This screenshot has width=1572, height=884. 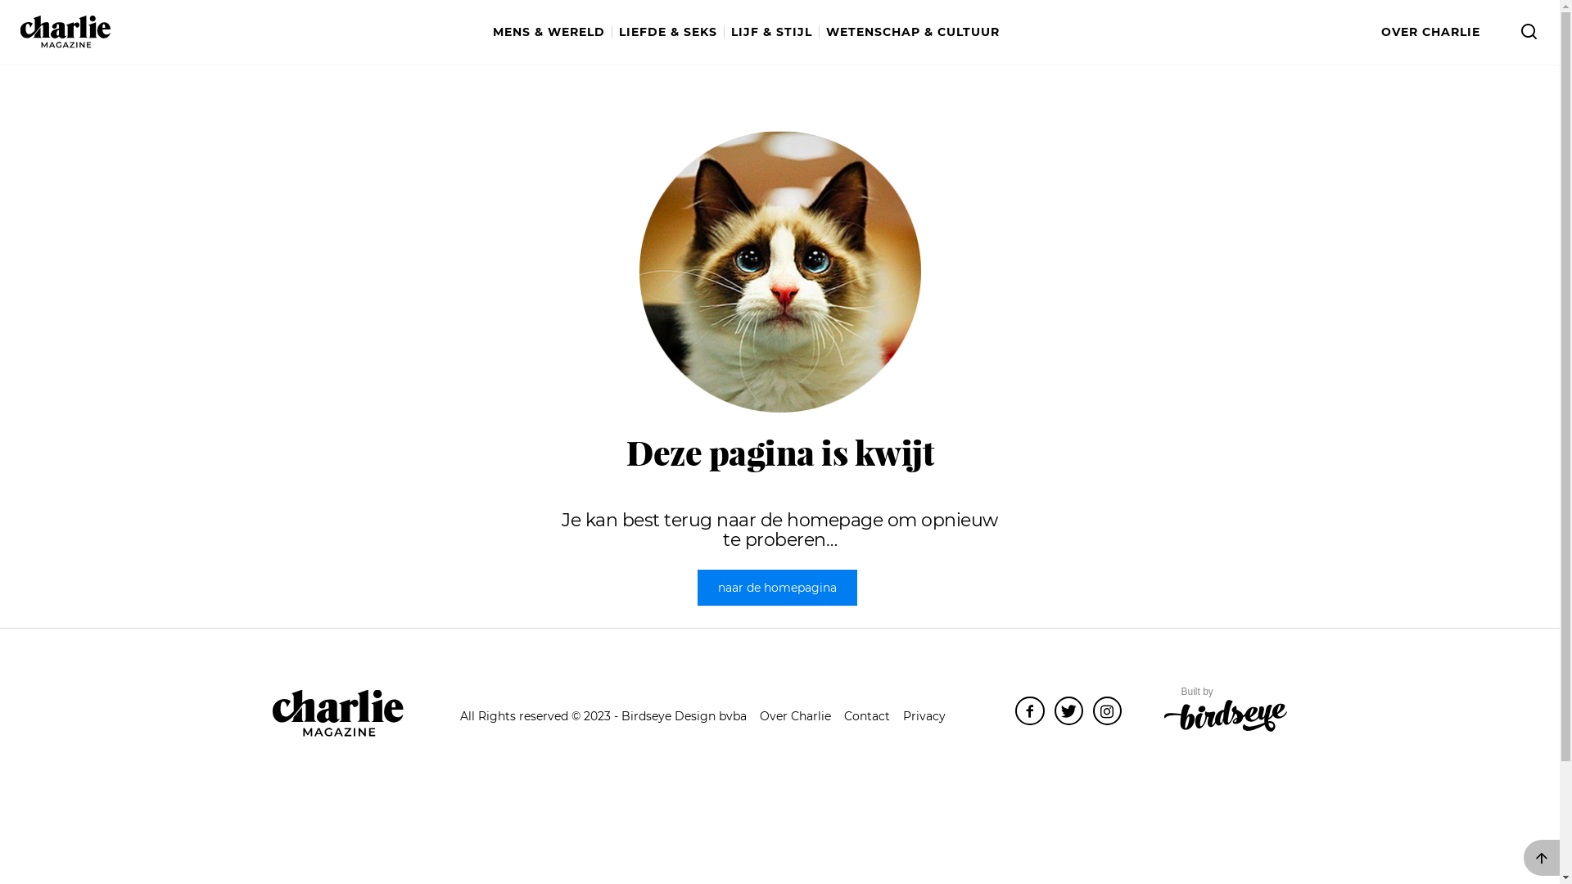 What do you see at coordinates (902, 715) in the screenshot?
I see `'Privacy'` at bounding box center [902, 715].